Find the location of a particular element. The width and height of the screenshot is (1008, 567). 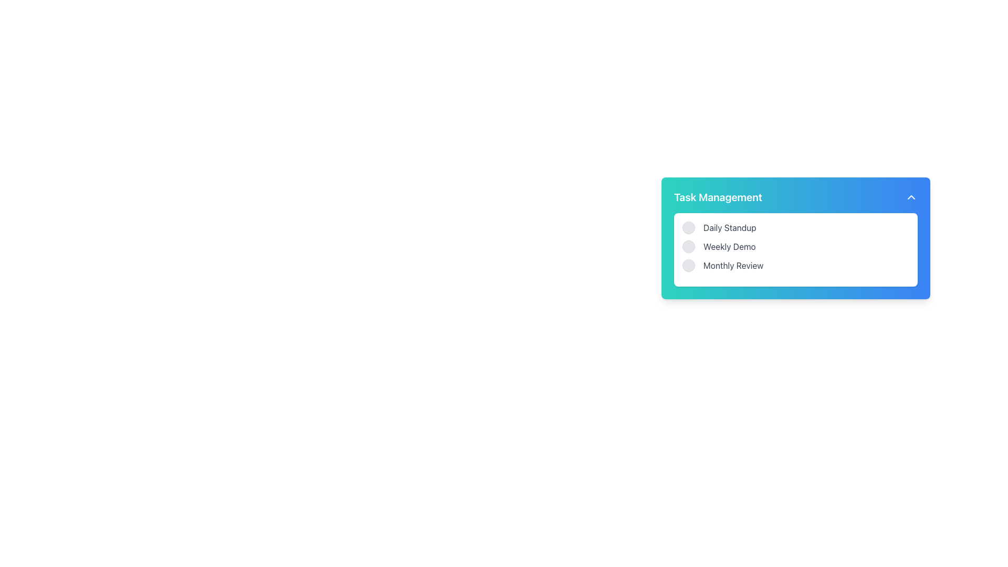

the 'Daily Standup' radio button is located at coordinates (796, 227).